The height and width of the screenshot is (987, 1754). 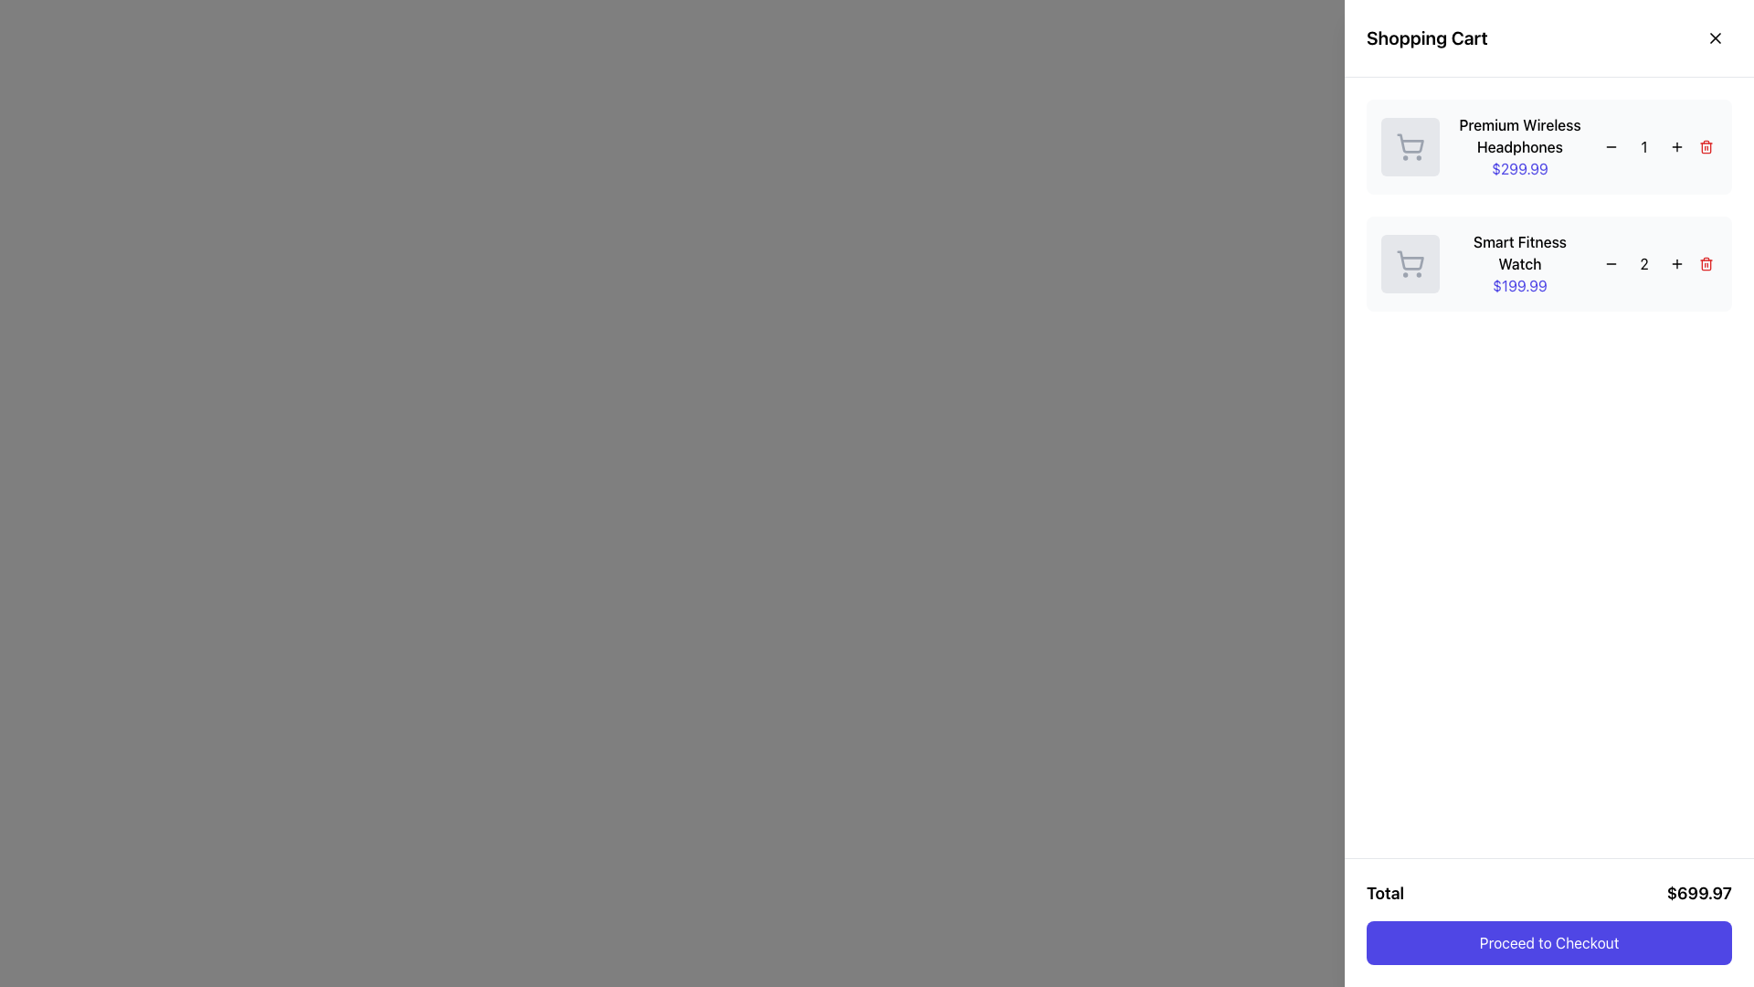 What do you see at coordinates (1611, 146) in the screenshot?
I see `the minus sign icon button located to the right of 'Premium Wireless Headphones' to decrement the associated item's quantity` at bounding box center [1611, 146].